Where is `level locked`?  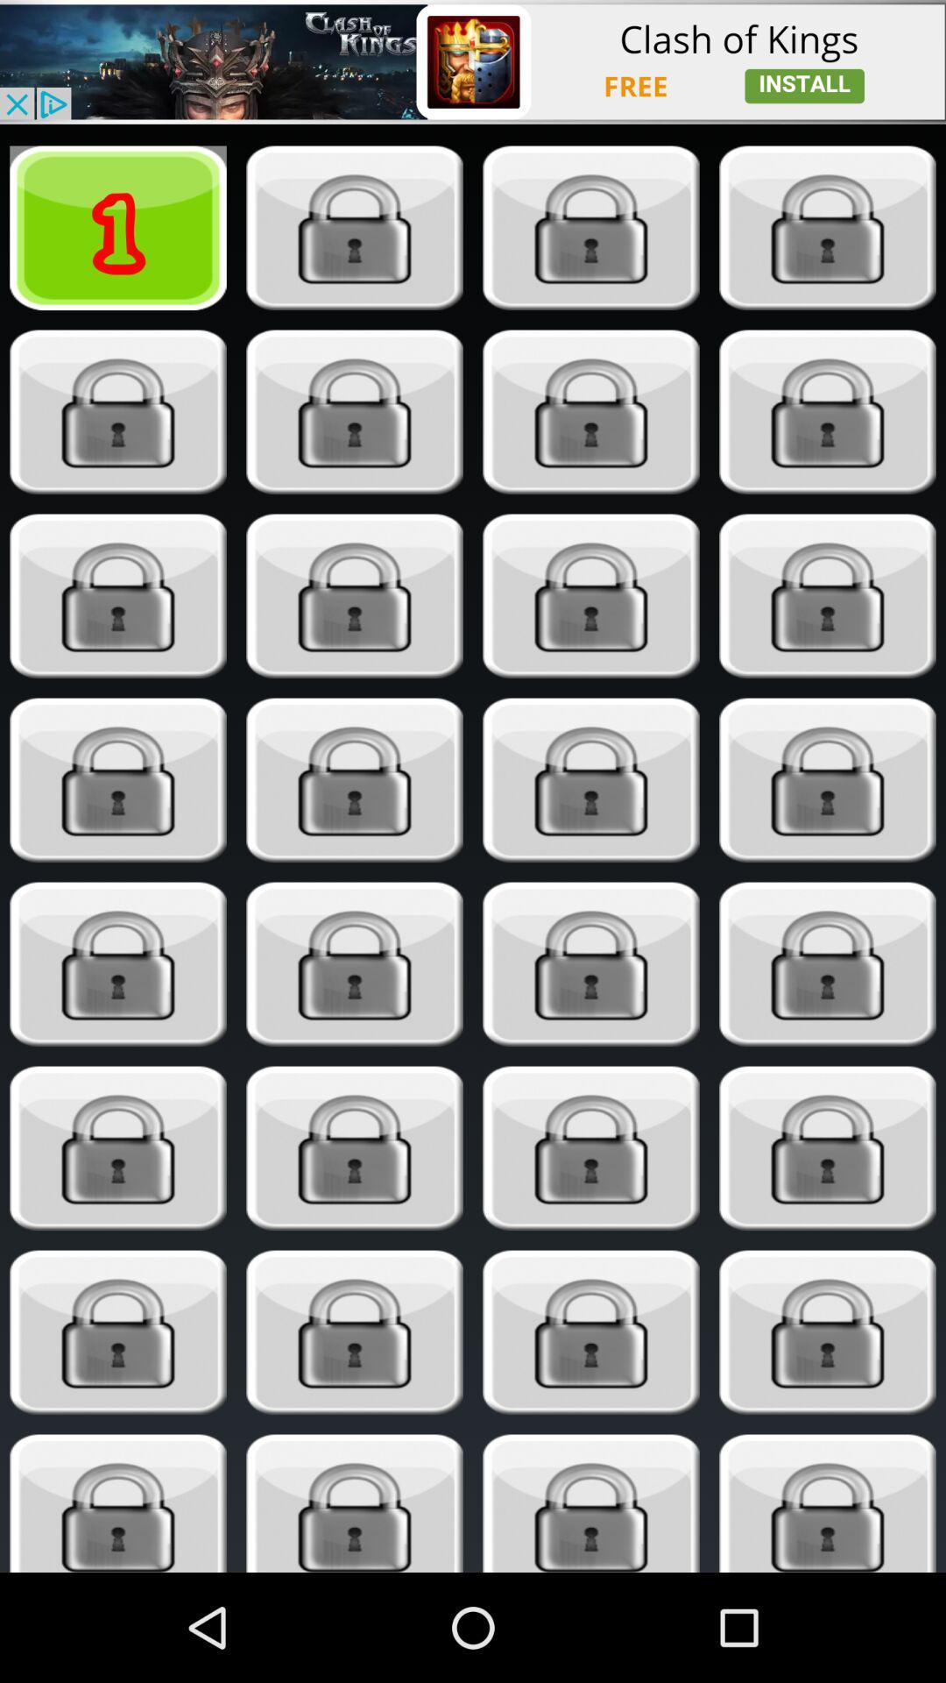
level locked is located at coordinates (118, 1332).